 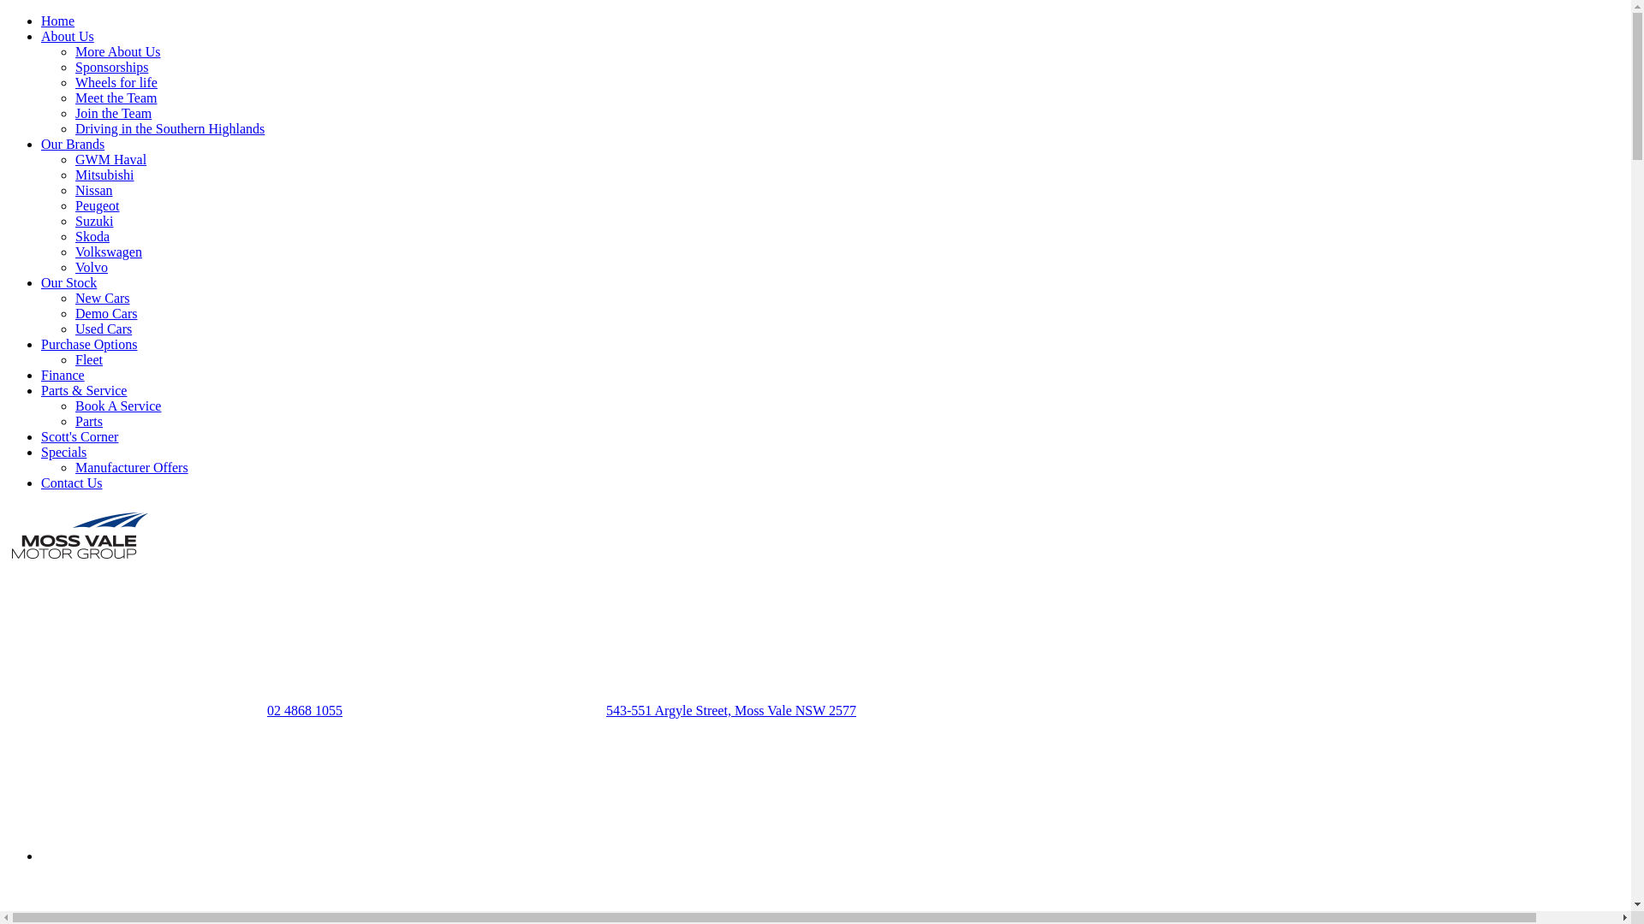 I want to click on 'Volkswagen', so click(x=107, y=252).